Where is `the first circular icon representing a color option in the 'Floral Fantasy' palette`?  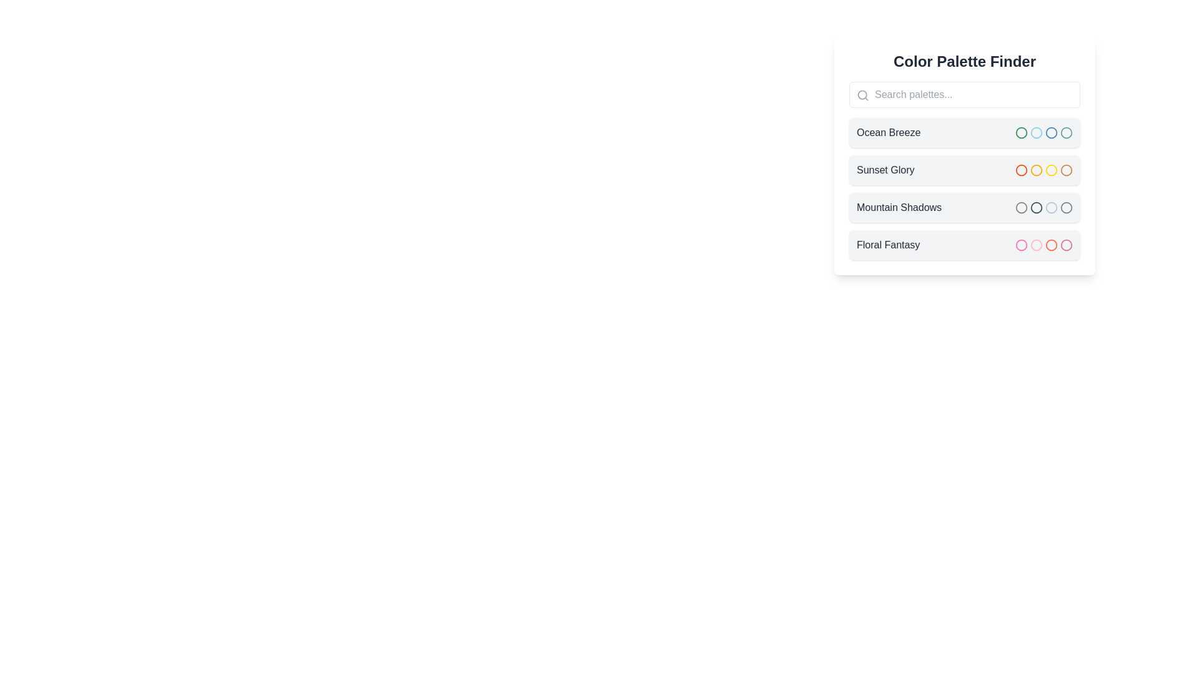
the first circular icon representing a color option in the 'Floral Fantasy' palette is located at coordinates (1022, 245).